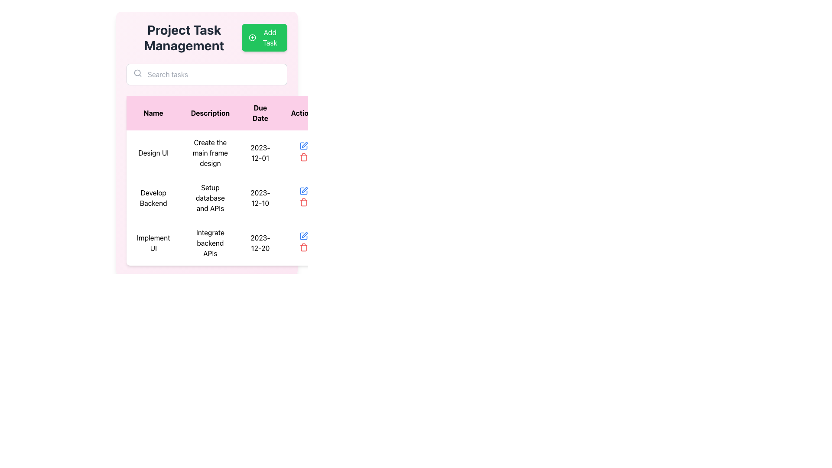  What do you see at coordinates (252, 37) in the screenshot?
I see `the green circular icon with a plus sign located to the left of the 'Add Task' button text` at bounding box center [252, 37].